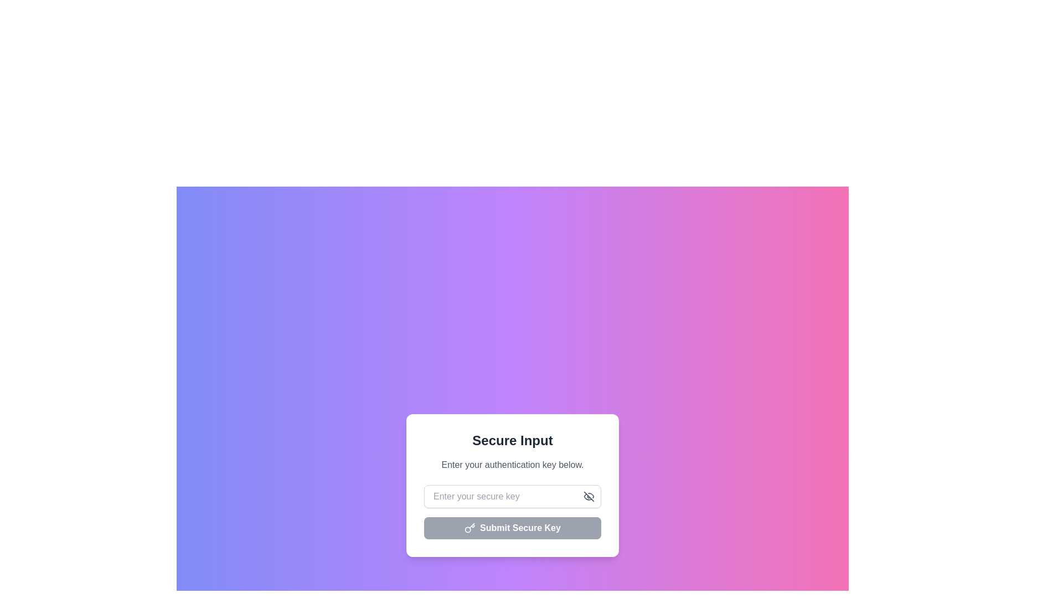 The width and height of the screenshot is (1063, 598). What do you see at coordinates (589, 496) in the screenshot?
I see `the button` at bounding box center [589, 496].